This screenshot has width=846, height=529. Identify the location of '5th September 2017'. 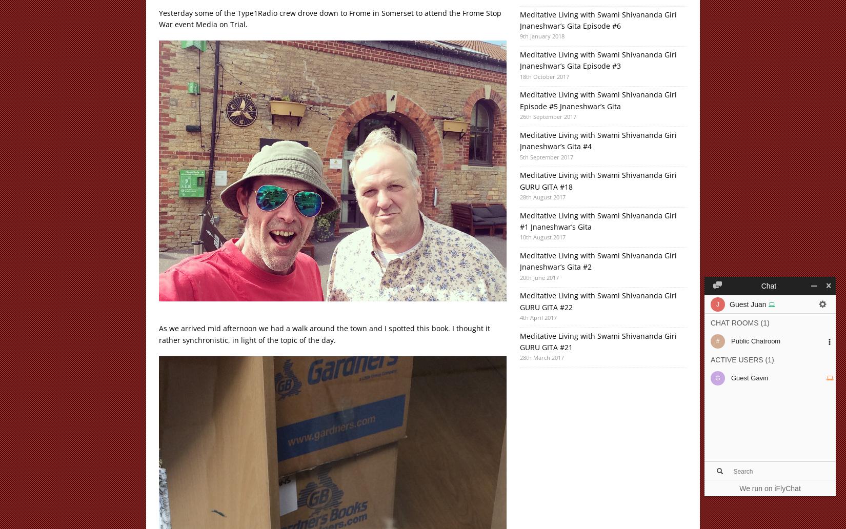
(546, 156).